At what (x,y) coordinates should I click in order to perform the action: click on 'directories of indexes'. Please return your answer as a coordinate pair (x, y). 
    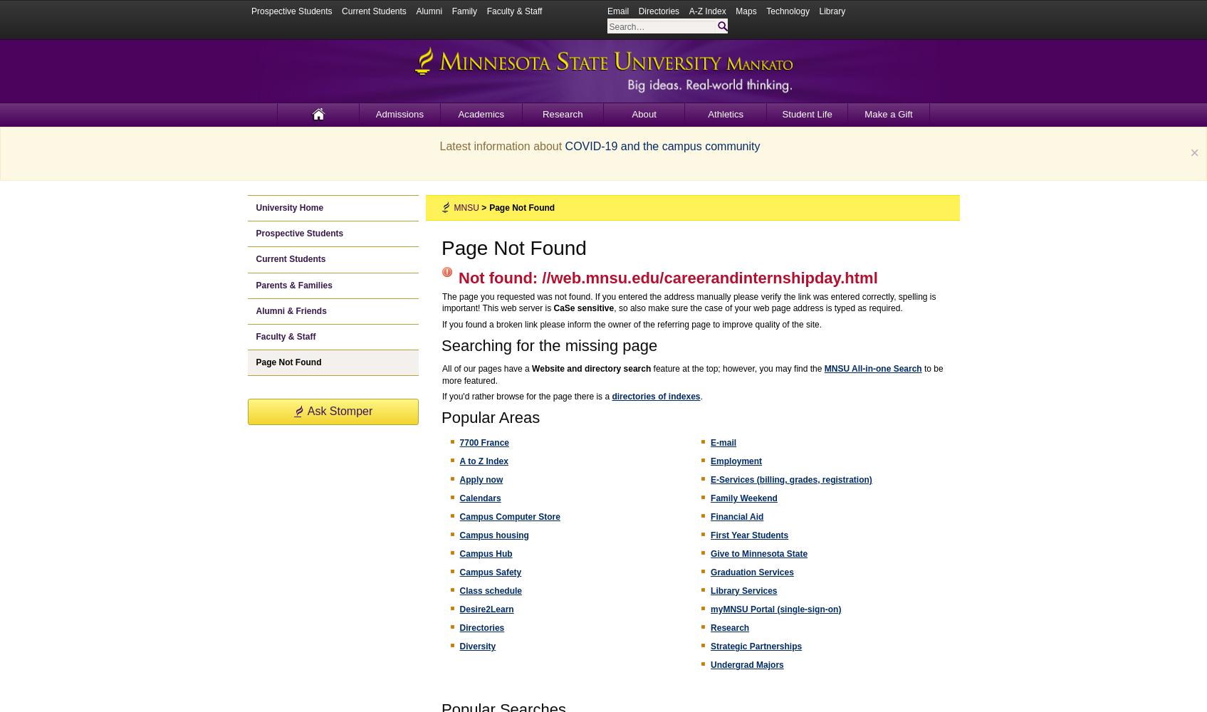
    Looking at the image, I should click on (656, 397).